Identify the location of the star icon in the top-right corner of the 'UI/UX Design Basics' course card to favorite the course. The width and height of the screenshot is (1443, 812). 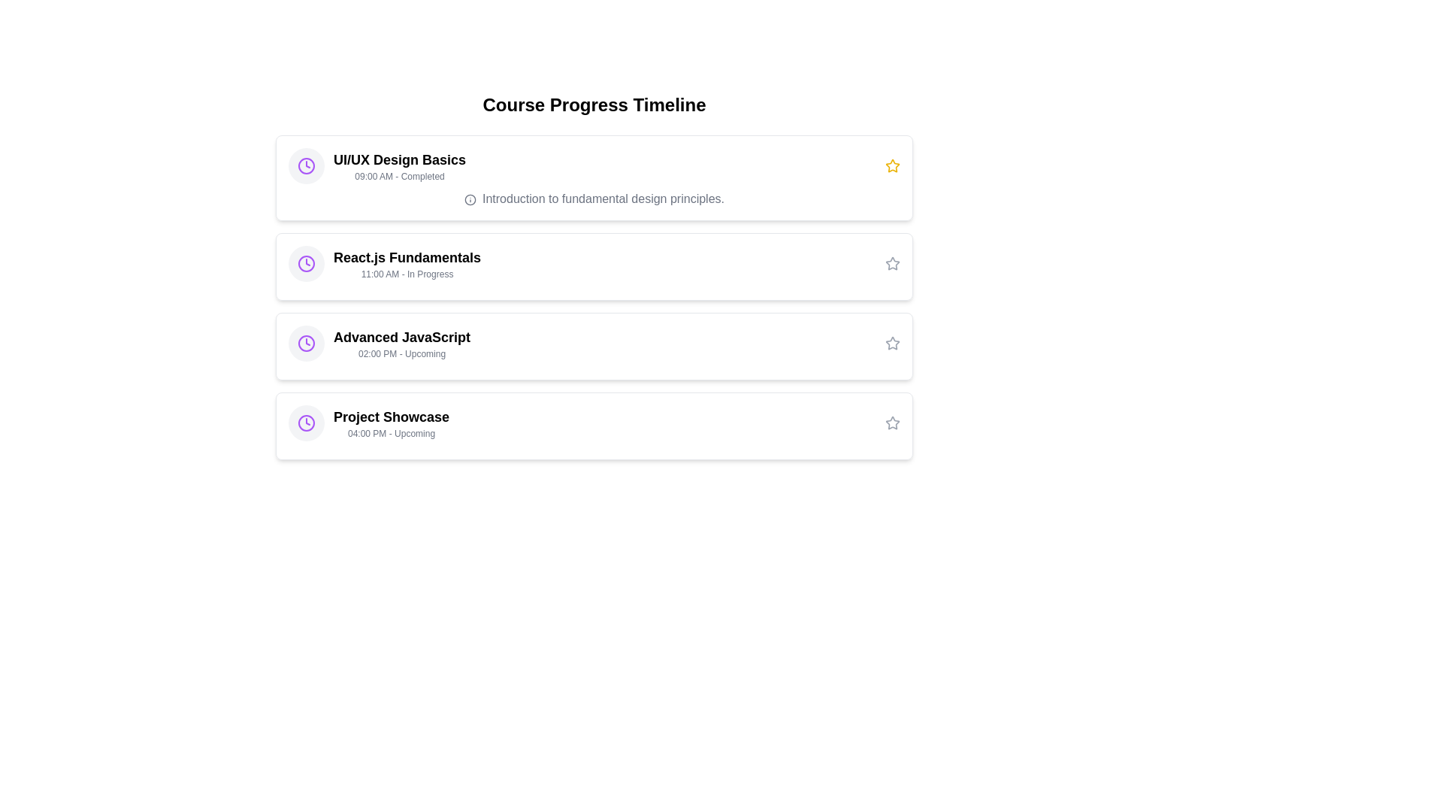
(893, 165).